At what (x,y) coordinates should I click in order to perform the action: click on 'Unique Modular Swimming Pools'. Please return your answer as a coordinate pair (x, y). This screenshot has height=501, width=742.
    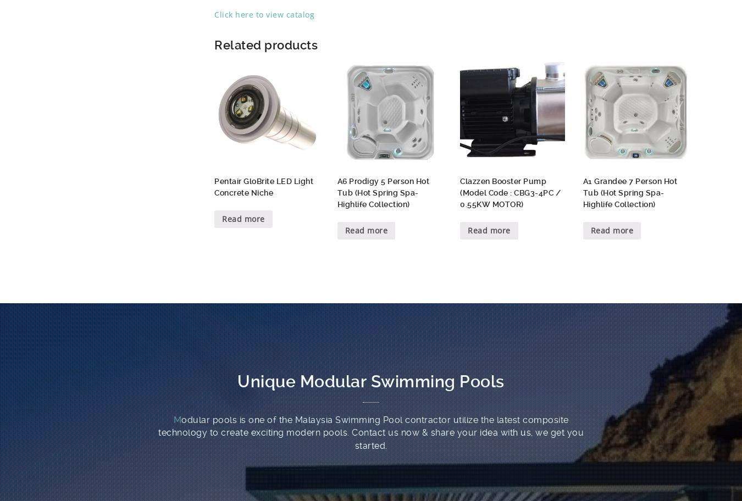
    Looking at the image, I should click on (370, 381).